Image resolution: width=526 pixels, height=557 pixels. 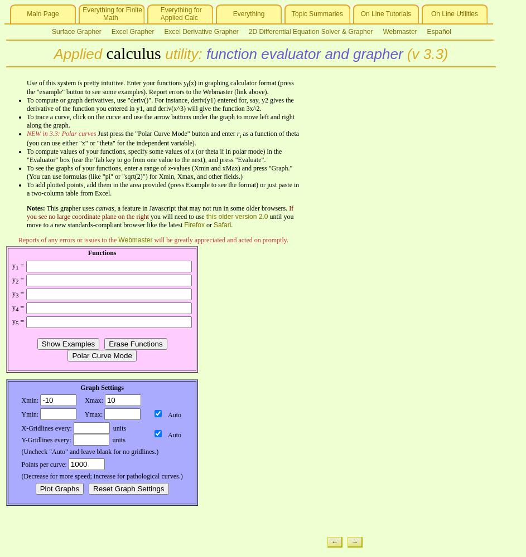 I want to click on '(Decrease for more speed; increase for pathological curves.)', so click(x=101, y=475).